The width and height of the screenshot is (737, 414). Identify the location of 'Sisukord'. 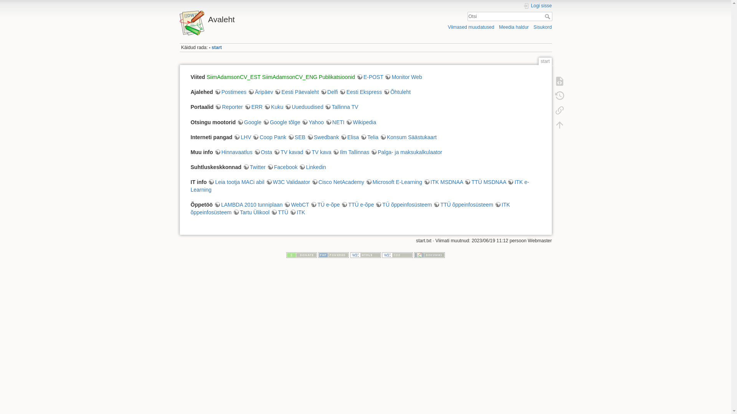
(542, 26).